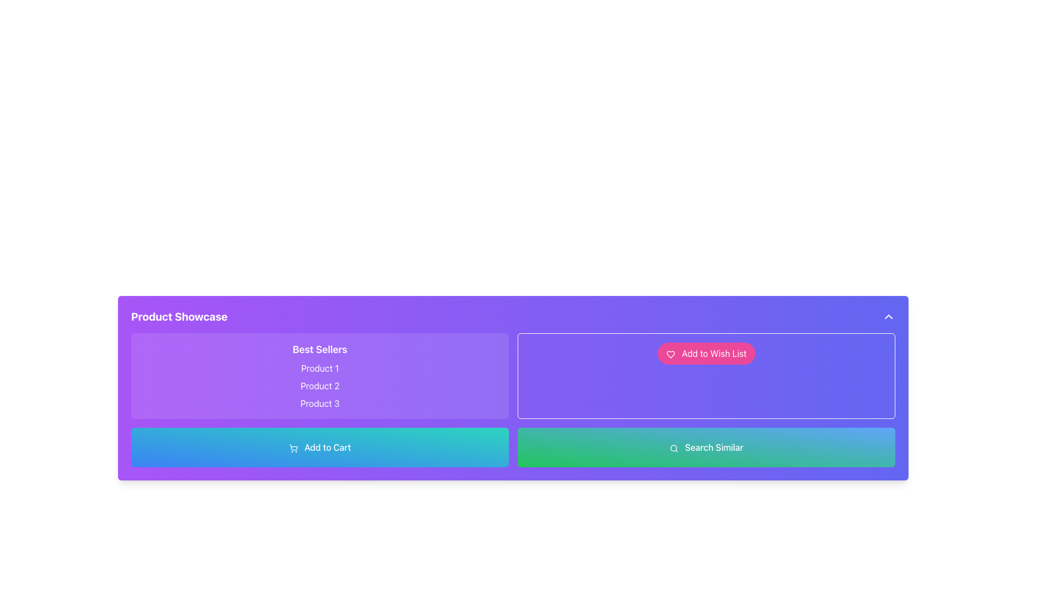  What do you see at coordinates (706, 447) in the screenshot?
I see `the 'Search Similar' button, which is the rightmost button below the 'Add to Wish List' button, featuring a magnifying glass icon and styled with a gradient background` at bounding box center [706, 447].